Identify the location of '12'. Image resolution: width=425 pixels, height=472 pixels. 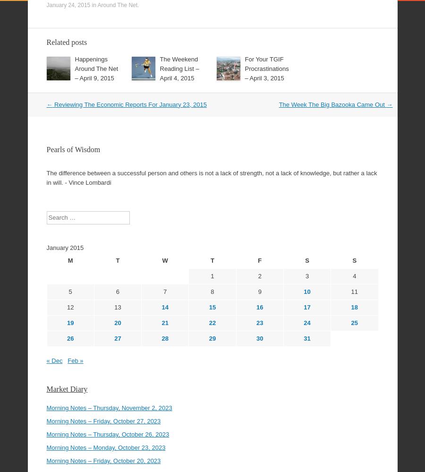
(70, 281).